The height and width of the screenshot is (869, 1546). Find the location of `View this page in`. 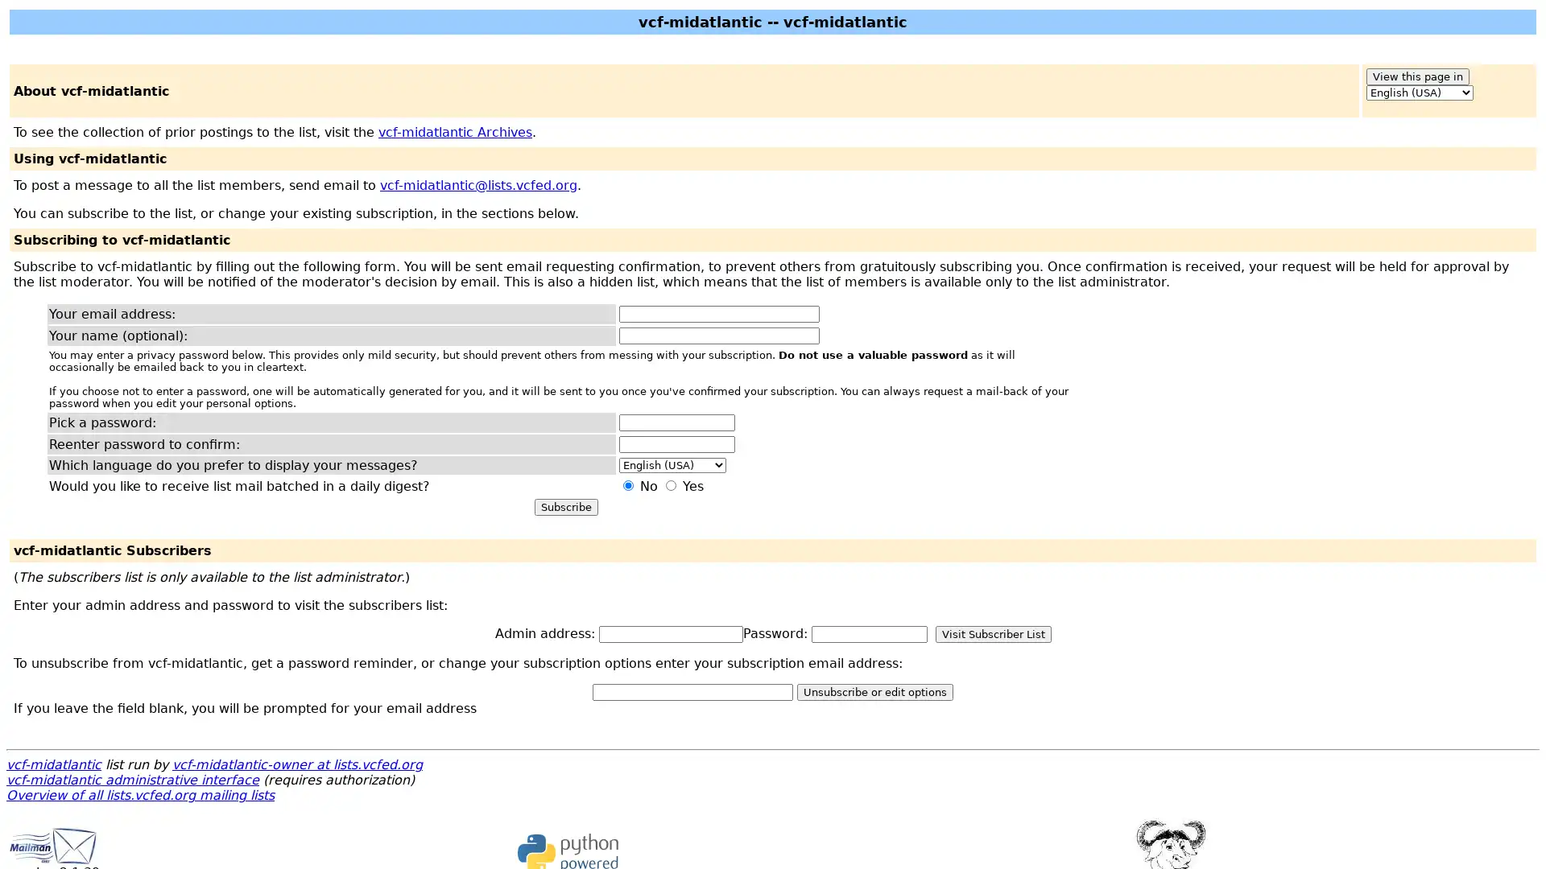

View this page in is located at coordinates (1417, 76).